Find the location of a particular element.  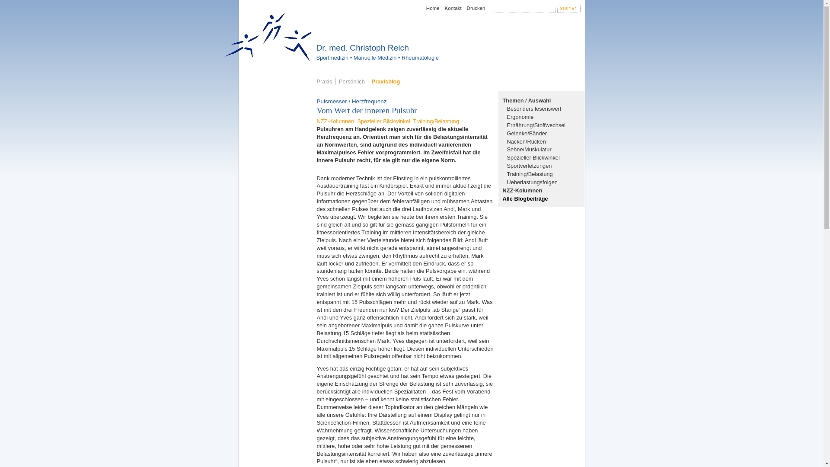

'Praxisblog' is located at coordinates (385, 81).